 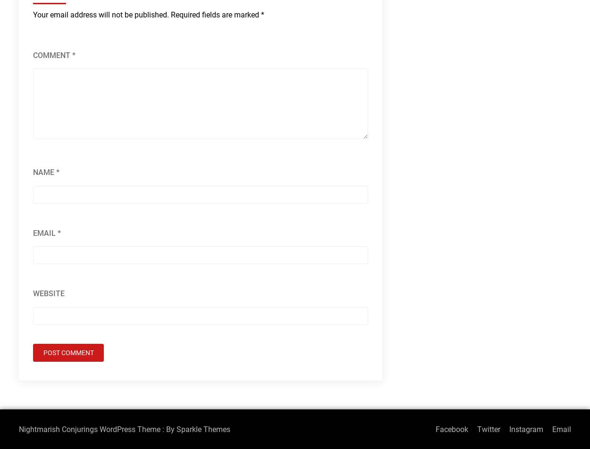 What do you see at coordinates (203, 429) in the screenshot?
I see `'Sparkle Themes'` at bounding box center [203, 429].